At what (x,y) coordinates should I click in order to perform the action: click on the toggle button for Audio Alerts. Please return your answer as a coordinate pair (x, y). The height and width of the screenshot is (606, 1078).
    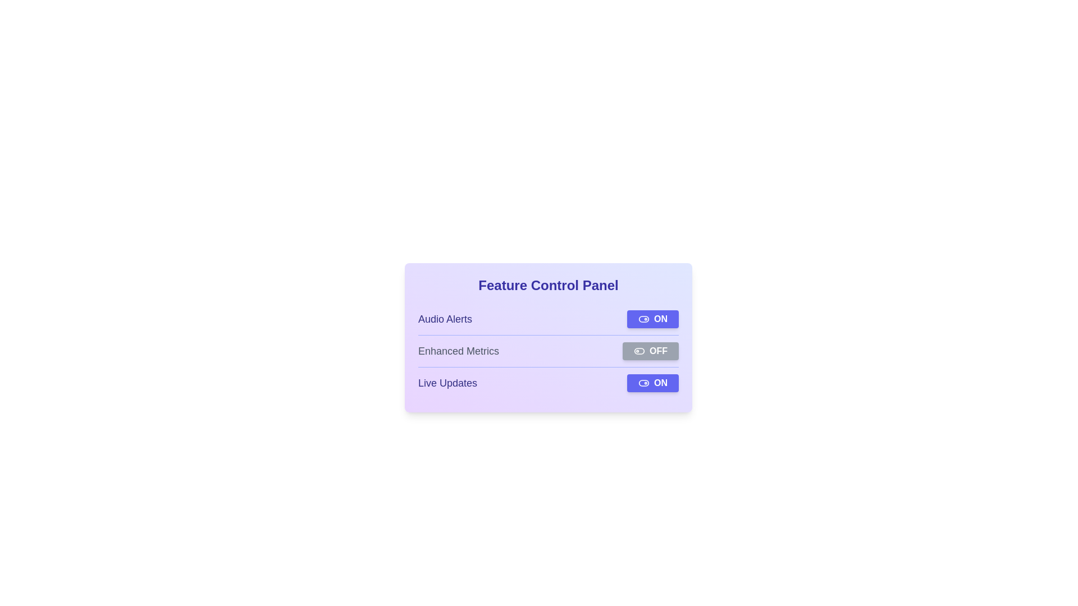
    Looking at the image, I should click on (652, 319).